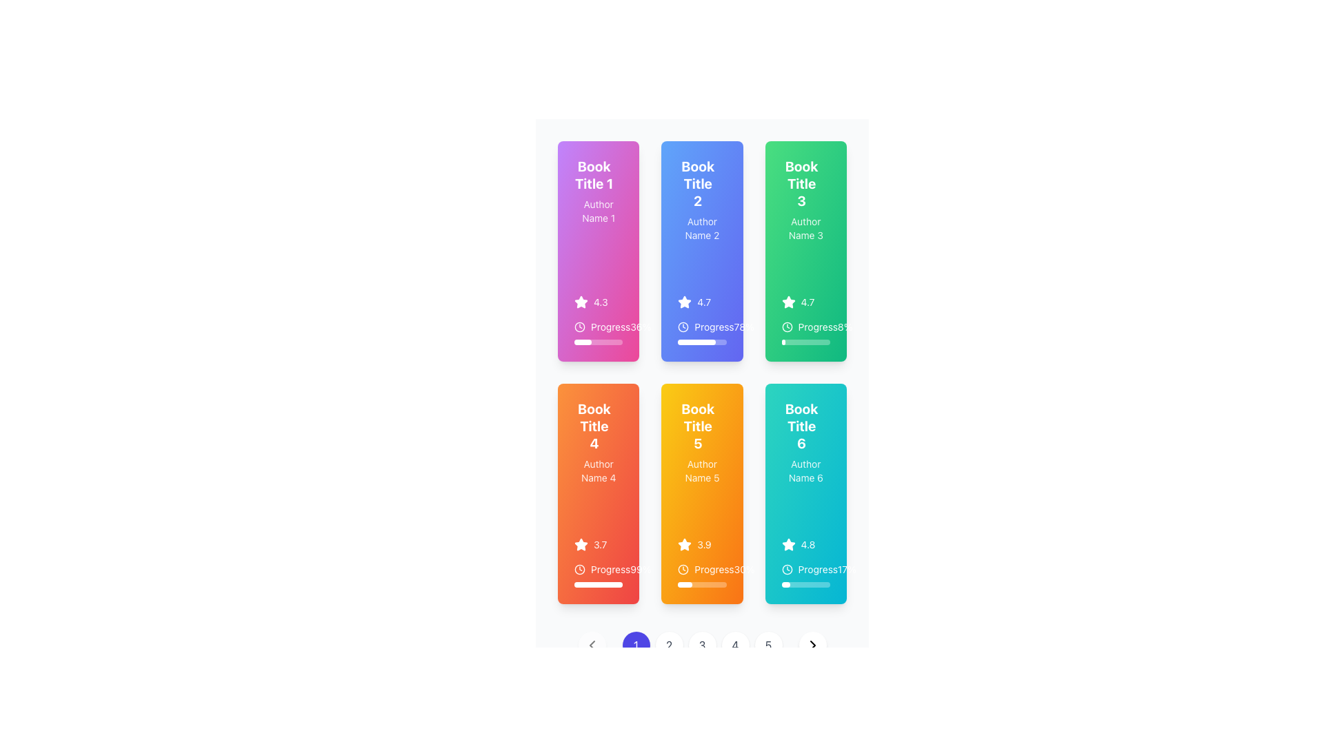  Describe the element at coordinates (696, 342) in the screenshot. I see `the Progress bar segment indicating 78% completion within the 'Progress 78%' progress bar on the blue card labeled 'Book Title 2, Author Name 2'` at that location.